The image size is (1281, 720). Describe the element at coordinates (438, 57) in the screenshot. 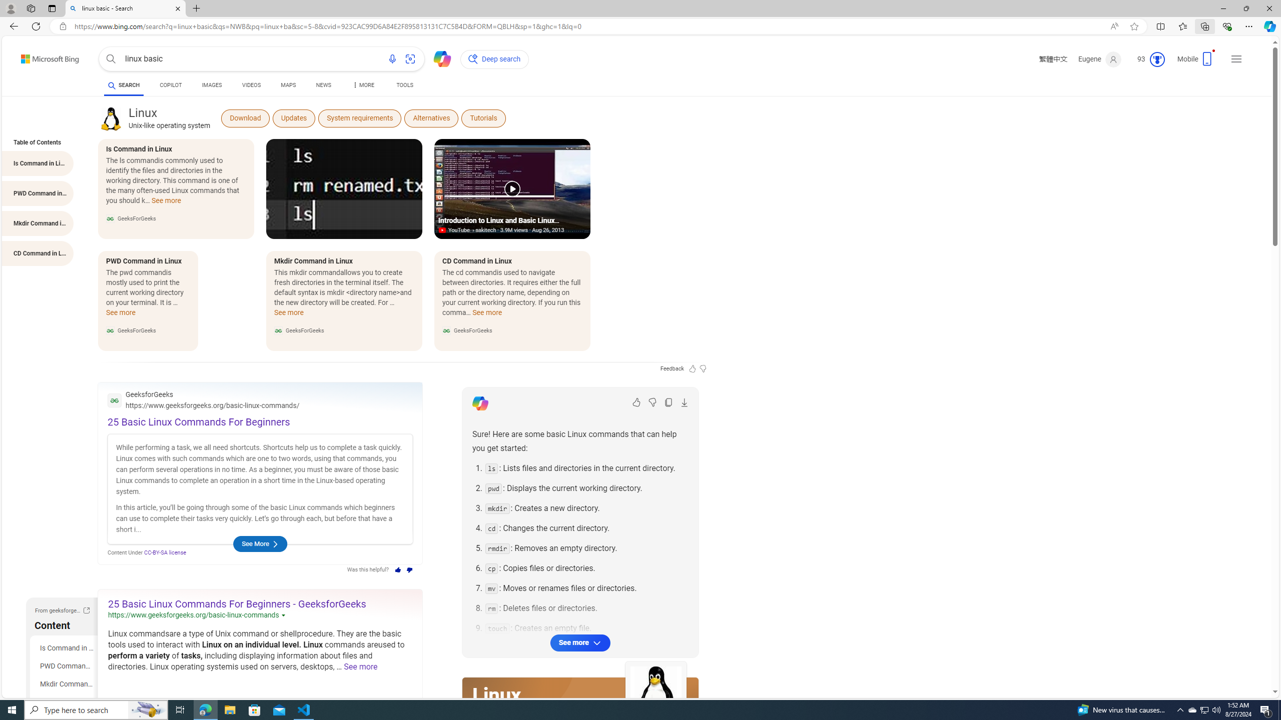

I see `'Chat'` at that location.